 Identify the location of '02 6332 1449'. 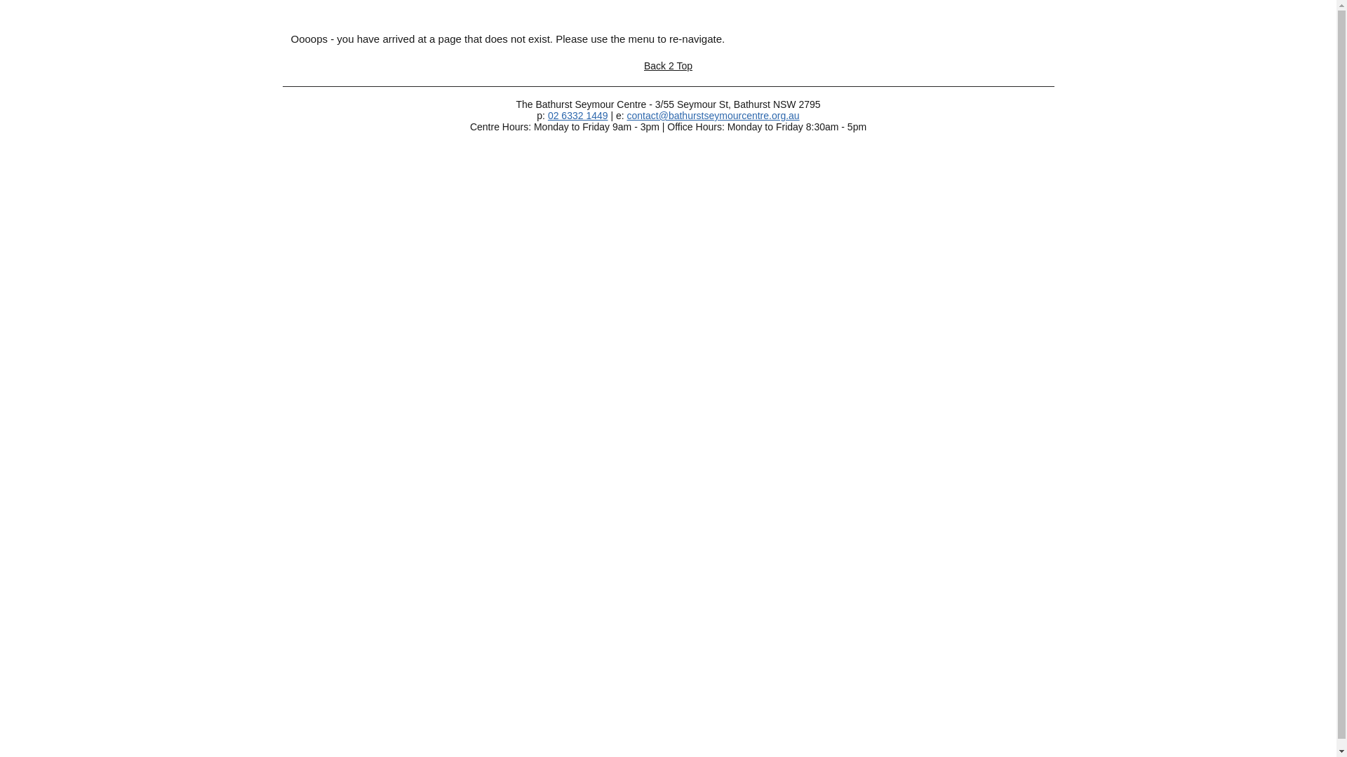
(578, 115).